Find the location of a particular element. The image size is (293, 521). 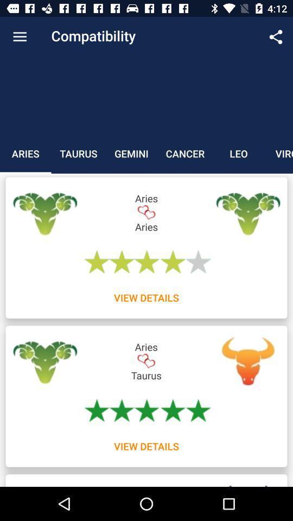

the label below aries is located at coordinates (44, 212).